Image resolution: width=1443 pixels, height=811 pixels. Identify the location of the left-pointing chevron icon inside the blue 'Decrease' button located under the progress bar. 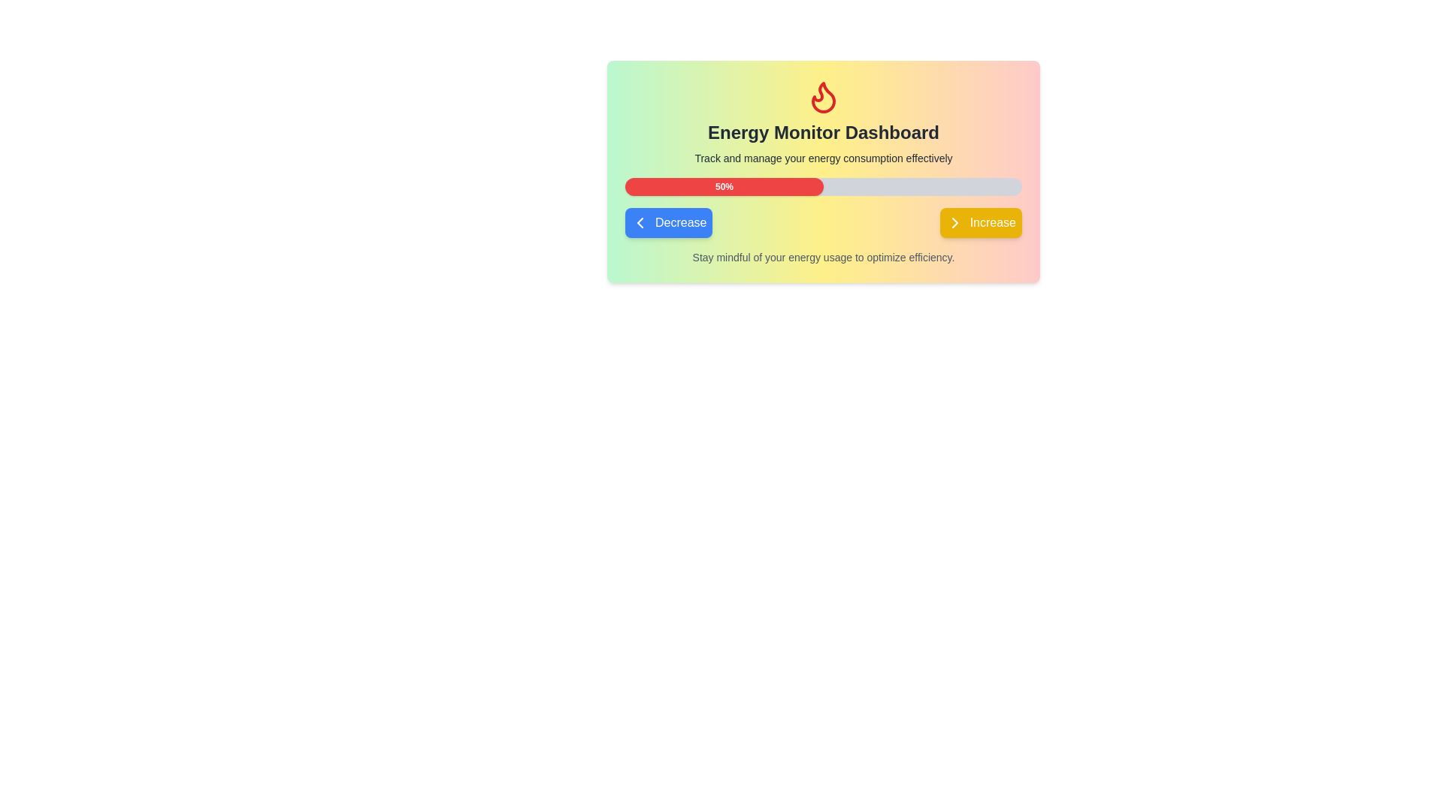
(640, 223).